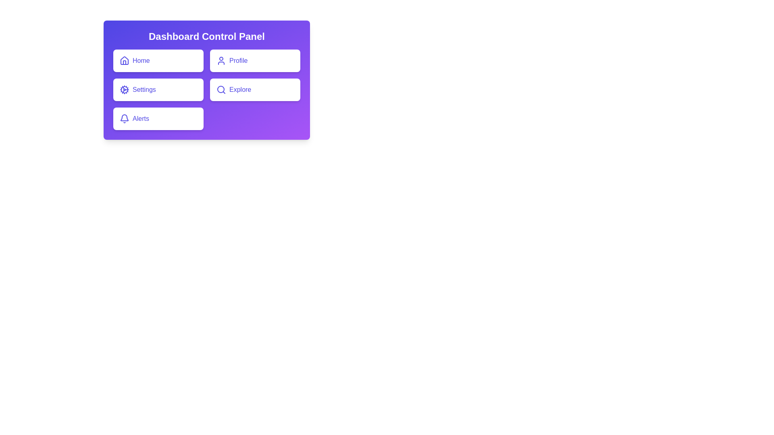 This screenshot has height=435, width=774. I want to click on the cog-shaped settings icon, which is styled in a purple stroke and located within the settings button to the left of the text 'Settings', so click(124, 90).